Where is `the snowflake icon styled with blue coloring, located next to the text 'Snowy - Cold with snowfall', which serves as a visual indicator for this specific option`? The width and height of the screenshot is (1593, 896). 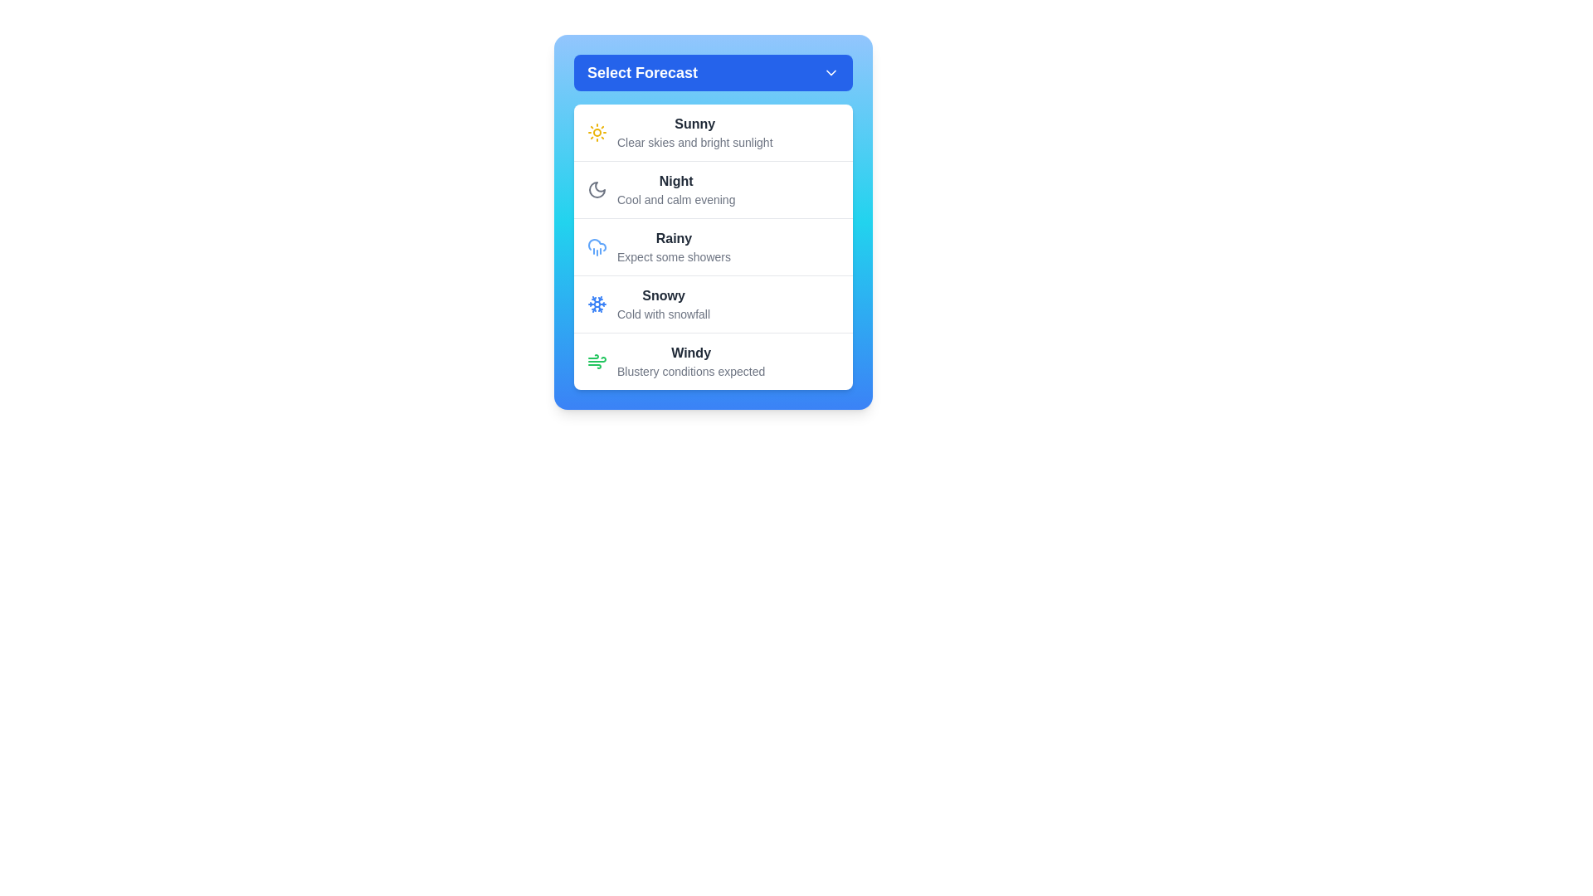
the snowflake icon styled with blue coloring, located next to the text 'Snowy - Cold with snowfall', which serves as a visual indicator for this specific option is located at coordinates (597, 304).